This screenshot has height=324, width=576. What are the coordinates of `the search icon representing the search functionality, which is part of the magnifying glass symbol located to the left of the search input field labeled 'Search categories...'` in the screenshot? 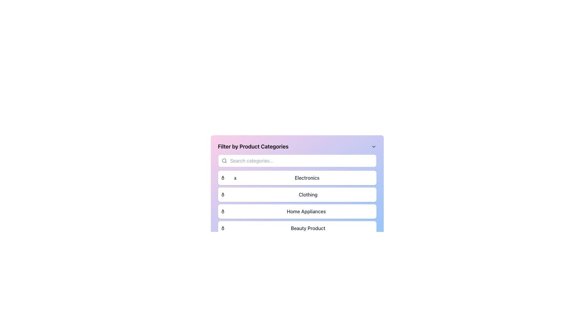 It's located at (223, 160).